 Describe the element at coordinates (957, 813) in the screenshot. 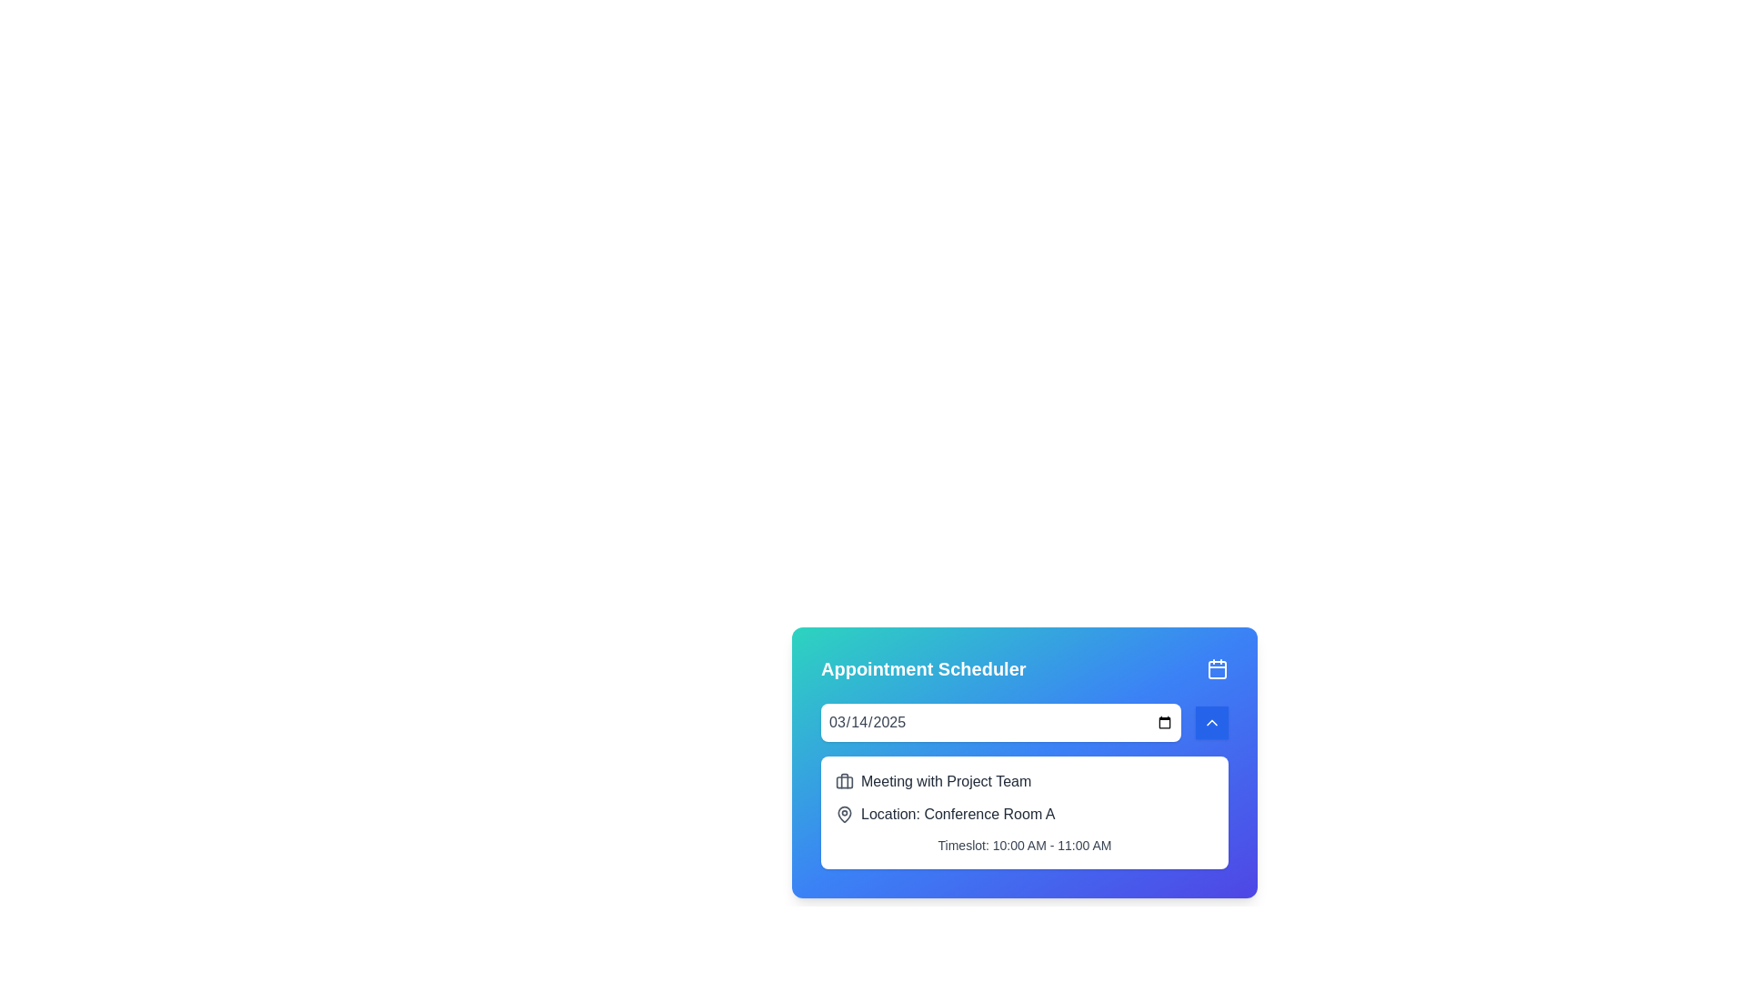

I see `text label displaying the location of the scheduled meeting, which is 'Conference Room A', located below the meeting title and above the date and time details in the appointment scheduler interface` at that location.